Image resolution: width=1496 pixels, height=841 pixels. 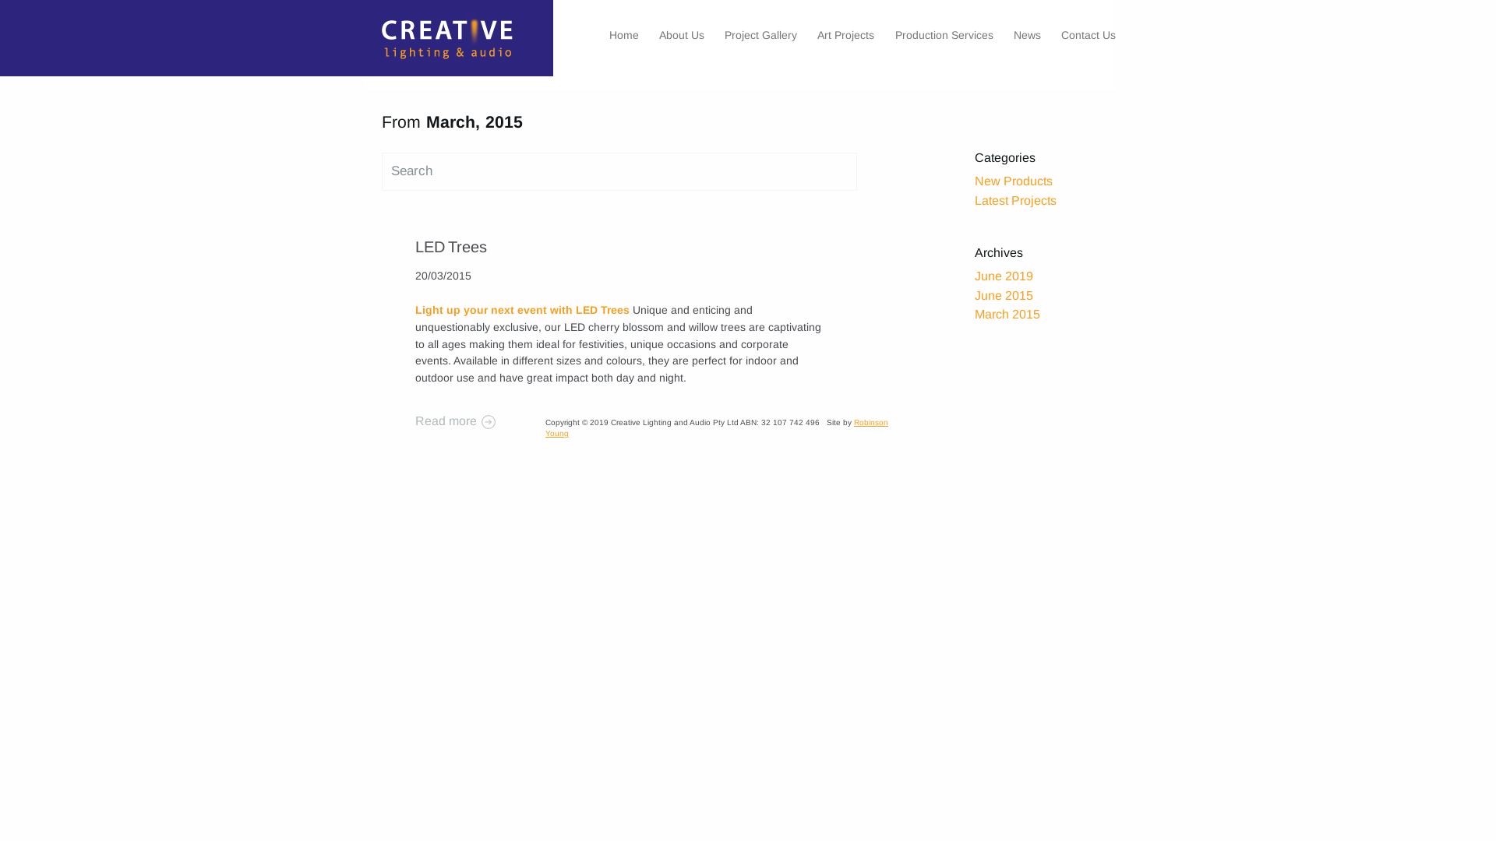 I want to click on 'New Products', so click(x=1013, y=180).